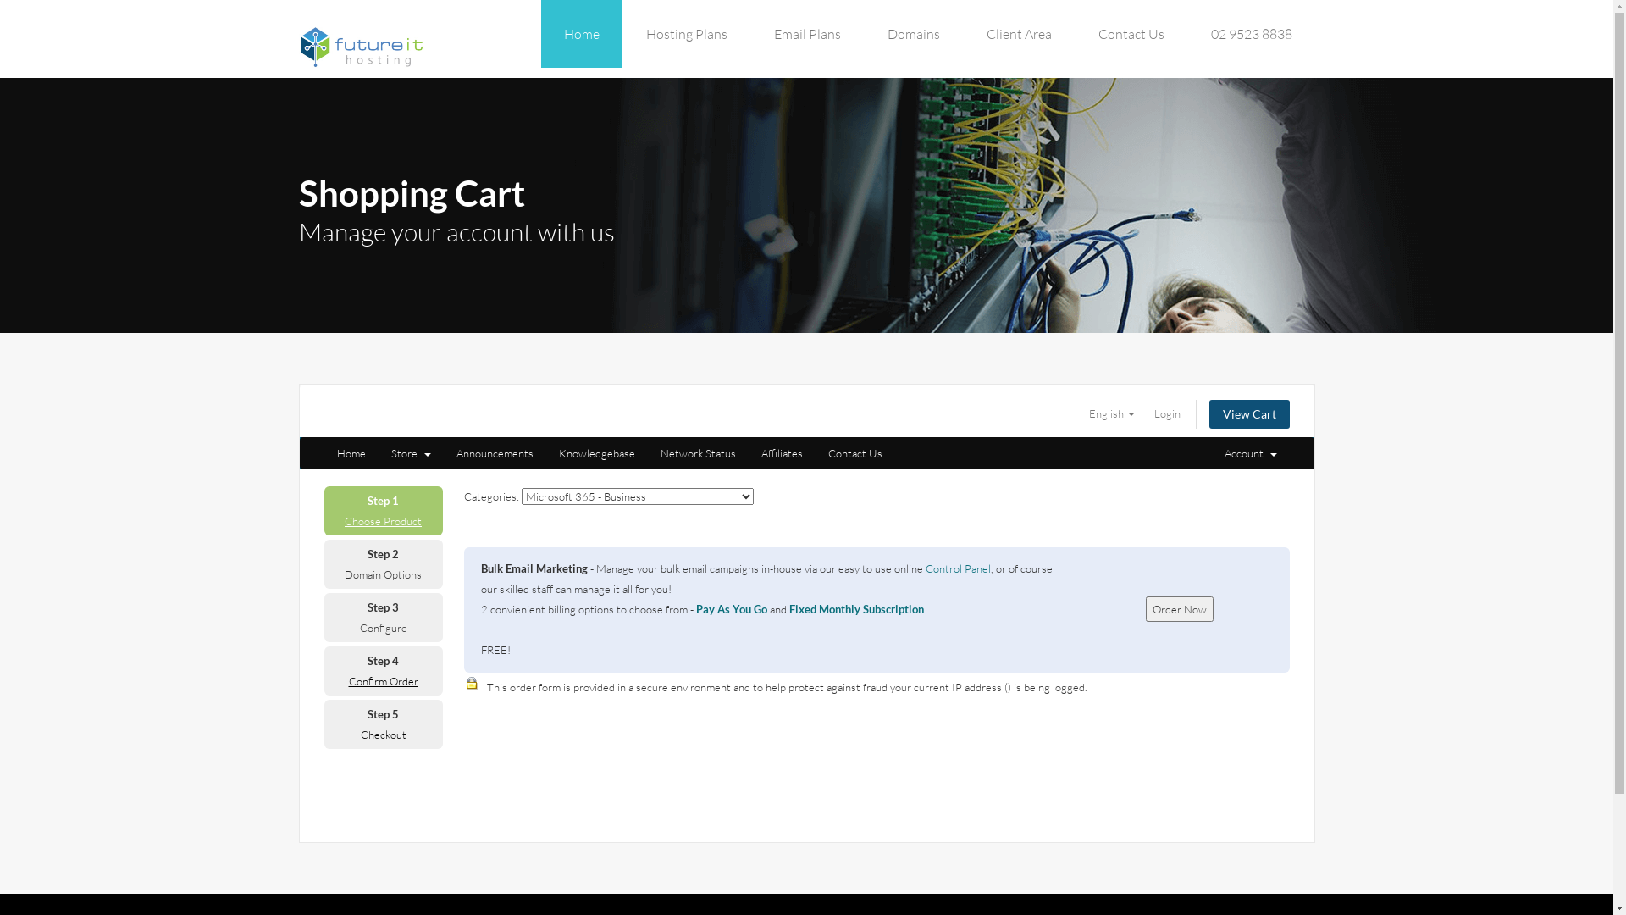 Image resolution: width=1626 pixels, height=915 pixels. I want to click on 'Domains', so click(912, 33).